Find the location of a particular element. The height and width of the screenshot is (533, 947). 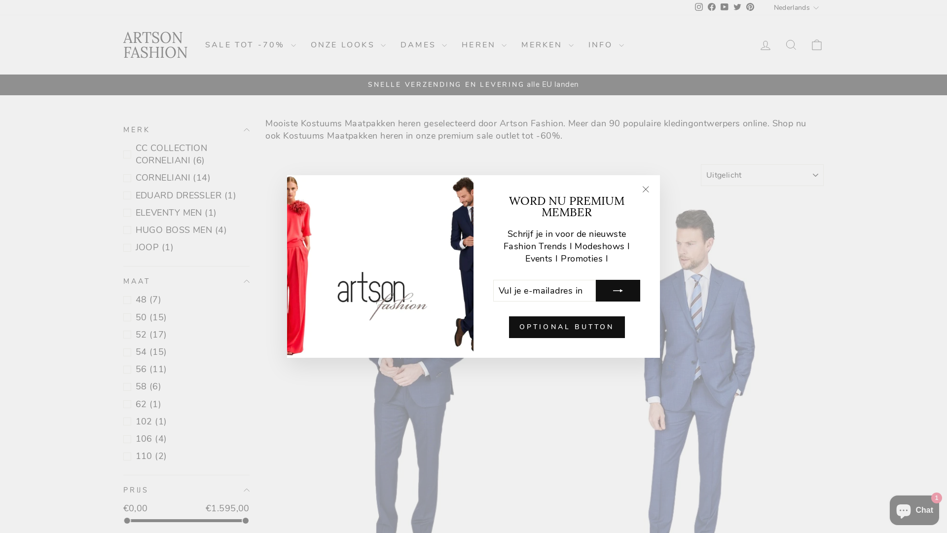

'twitter is located at coordinates (731, 7).